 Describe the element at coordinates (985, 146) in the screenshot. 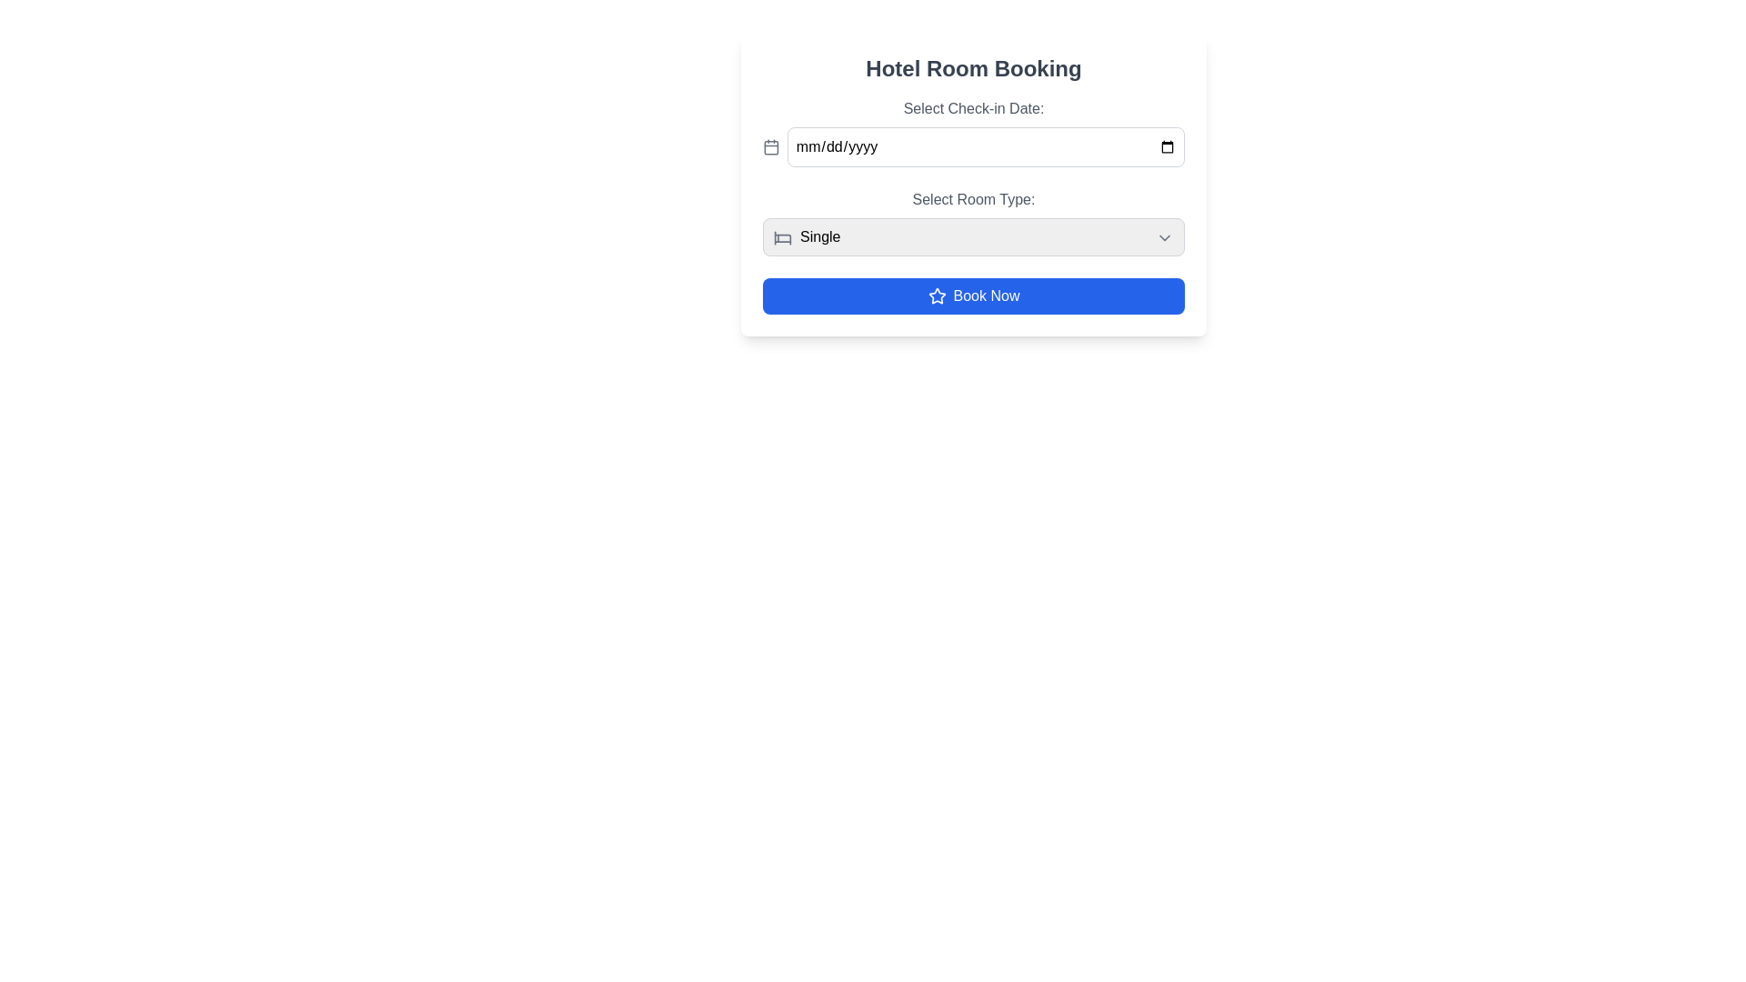

I see `a date using the date picker in the Date input field, which has a gray border and placeholder text 'mm/dd/yyyy'` at that location.